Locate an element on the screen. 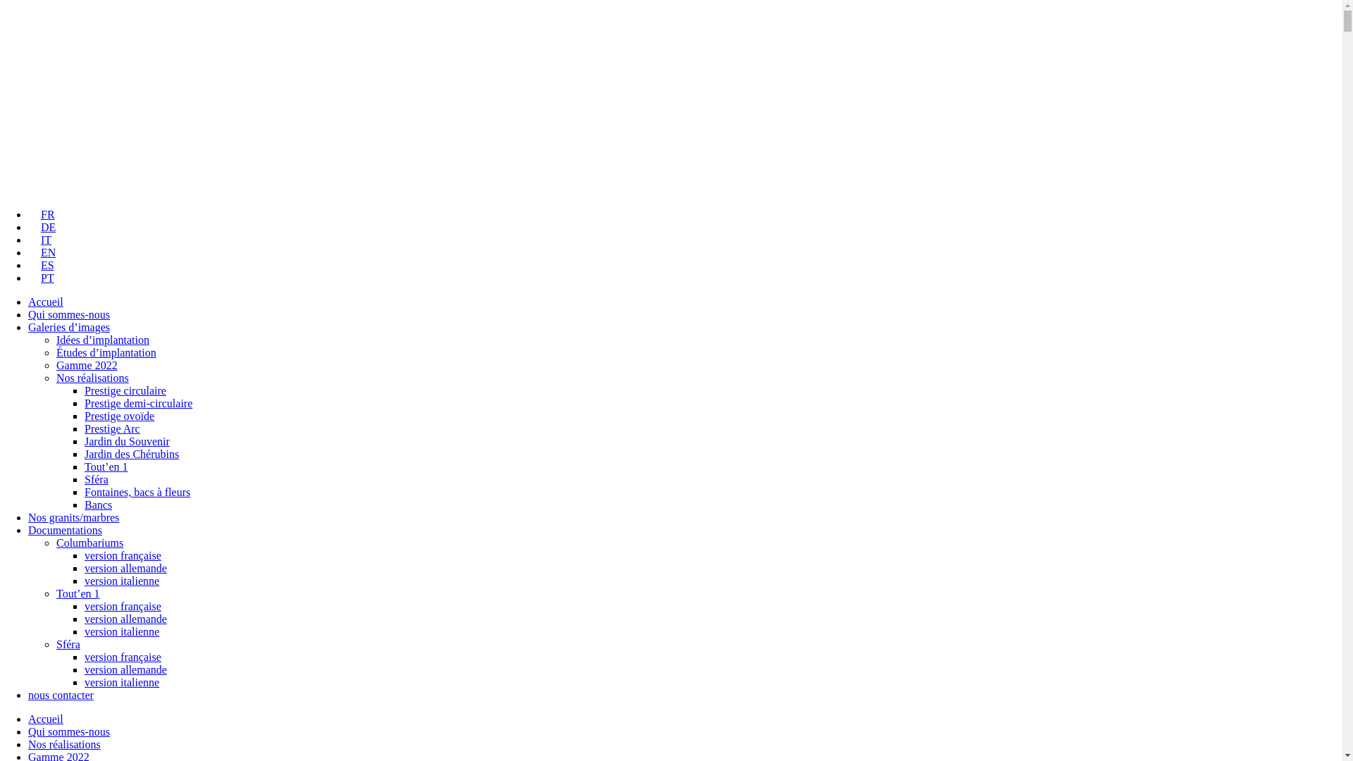 The width and height of the screenshot is (1353, 761). 'Gamme 2022' is located at coordinates (86, 364).